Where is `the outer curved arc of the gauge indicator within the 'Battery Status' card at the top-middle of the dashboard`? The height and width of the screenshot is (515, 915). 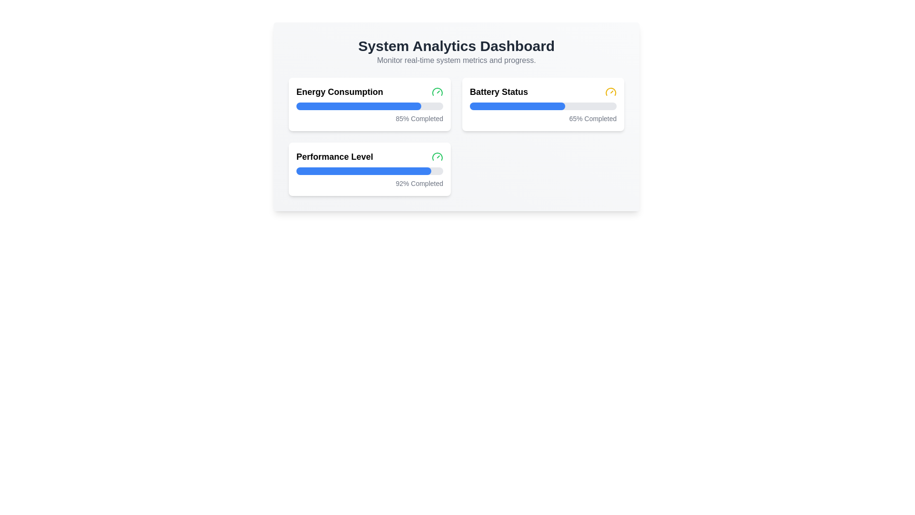
the outer curved arc of the gauge indicator within the 'Battery Status' card at the top-middle of the dashboard is located at coordinates (610, 92).